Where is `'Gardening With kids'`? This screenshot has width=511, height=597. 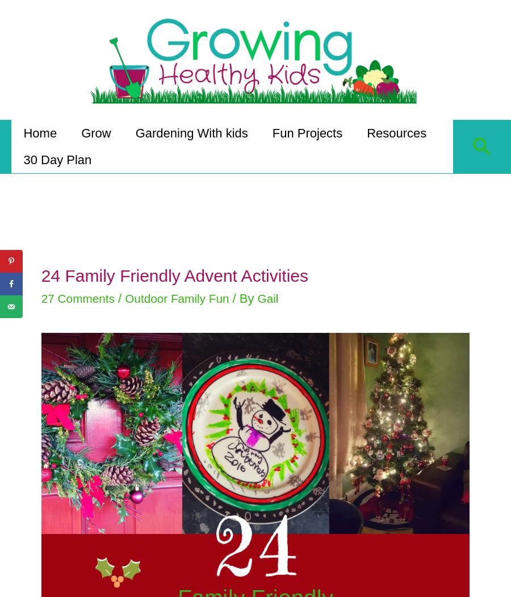
'Gardening With kids' is located at coordinates (136, 130).